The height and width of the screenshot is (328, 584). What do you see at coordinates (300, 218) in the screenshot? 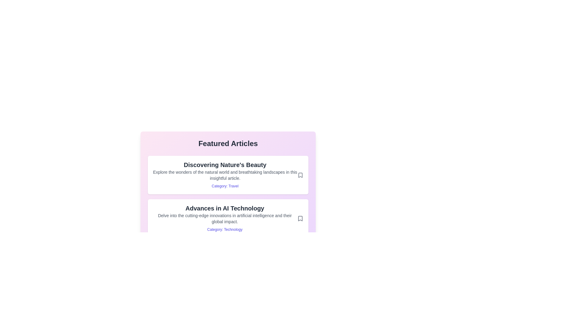
I see `the bookmark icon for the article titled 'Advances in AI Technology'` at bounding box center [300, 218].